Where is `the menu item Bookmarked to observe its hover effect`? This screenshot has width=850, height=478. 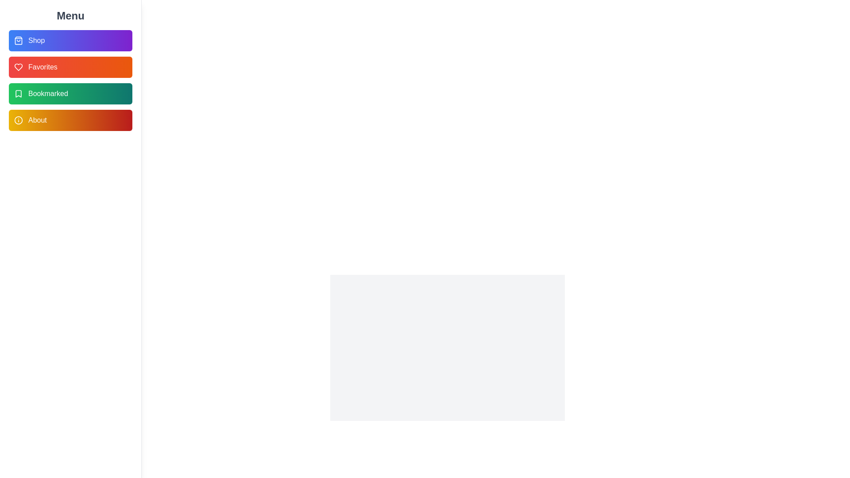 the menu item Bookmarked to observe its hover effect is located at coordinates (70, 94).